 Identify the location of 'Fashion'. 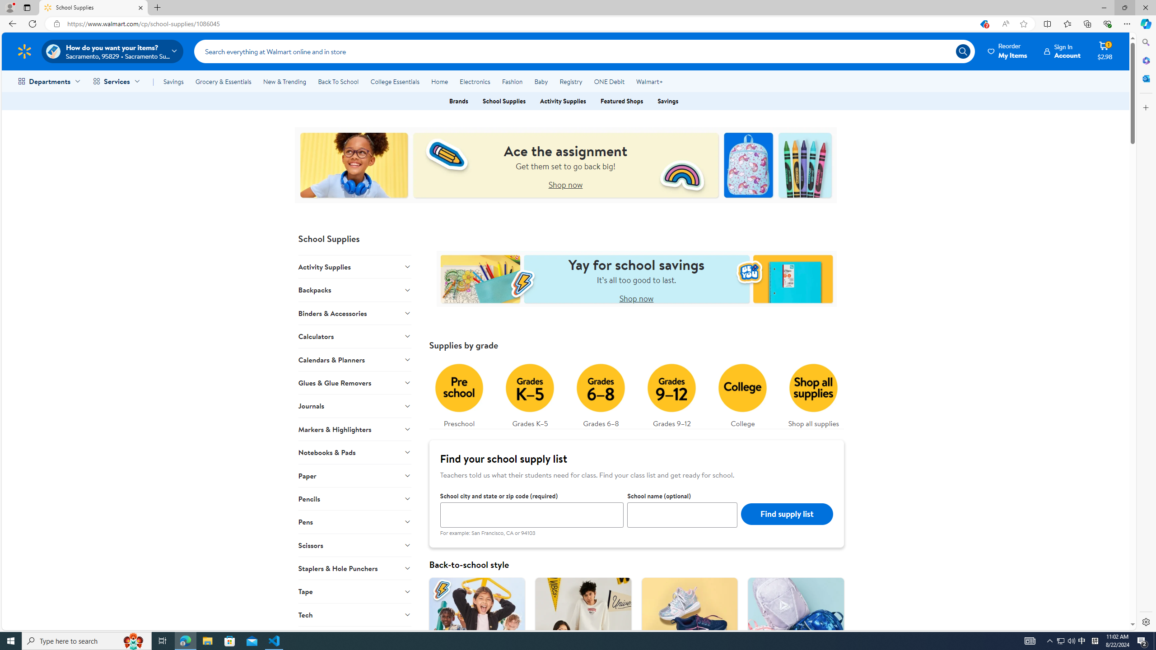
(512, 81).